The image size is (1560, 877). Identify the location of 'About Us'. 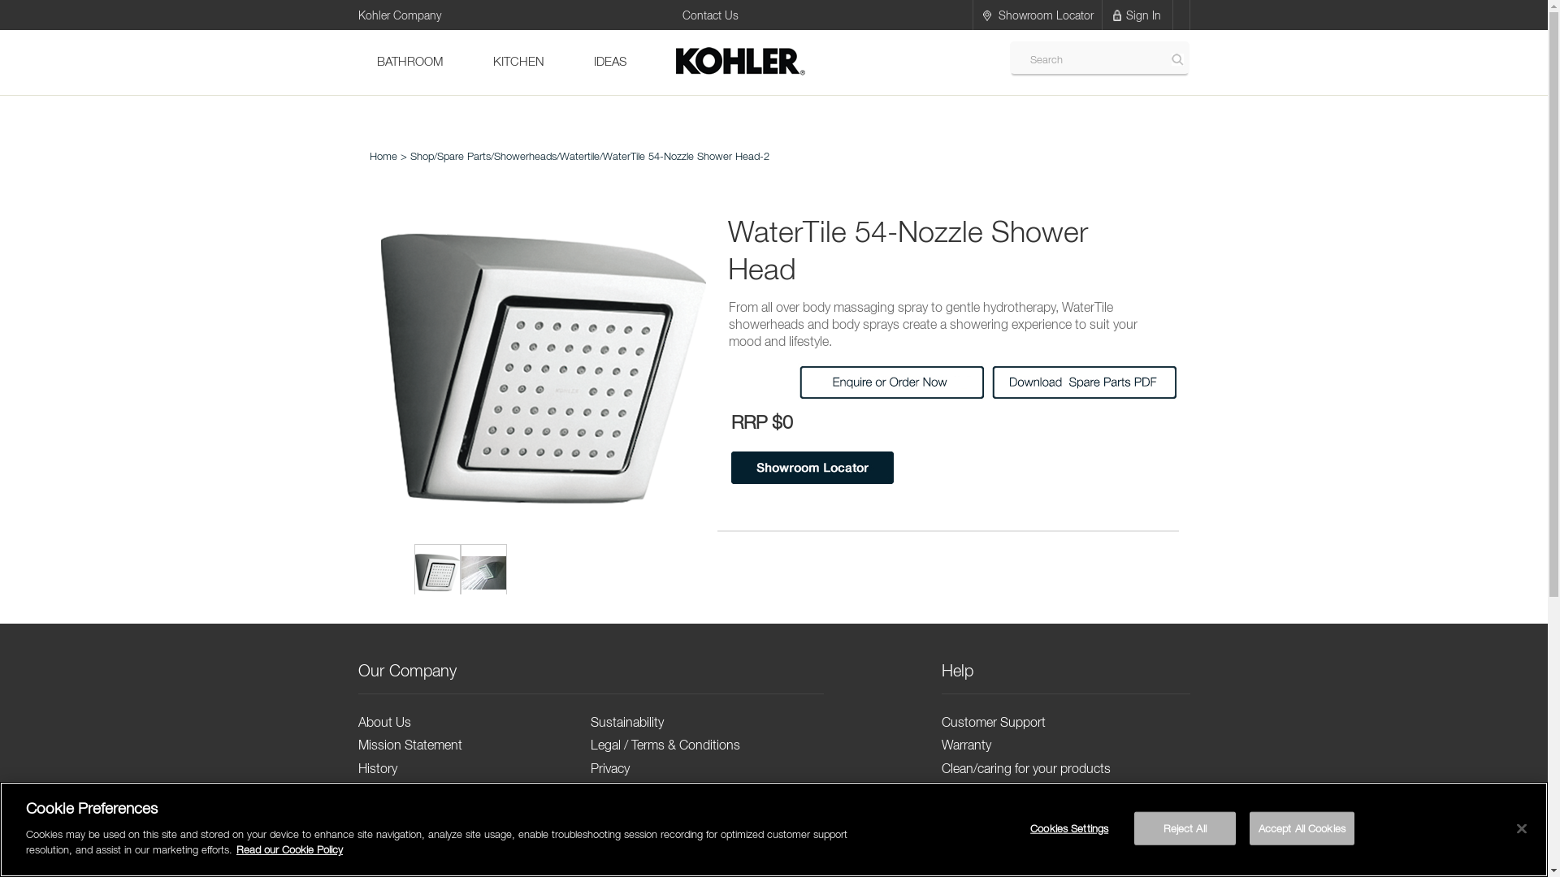
(383, 720).